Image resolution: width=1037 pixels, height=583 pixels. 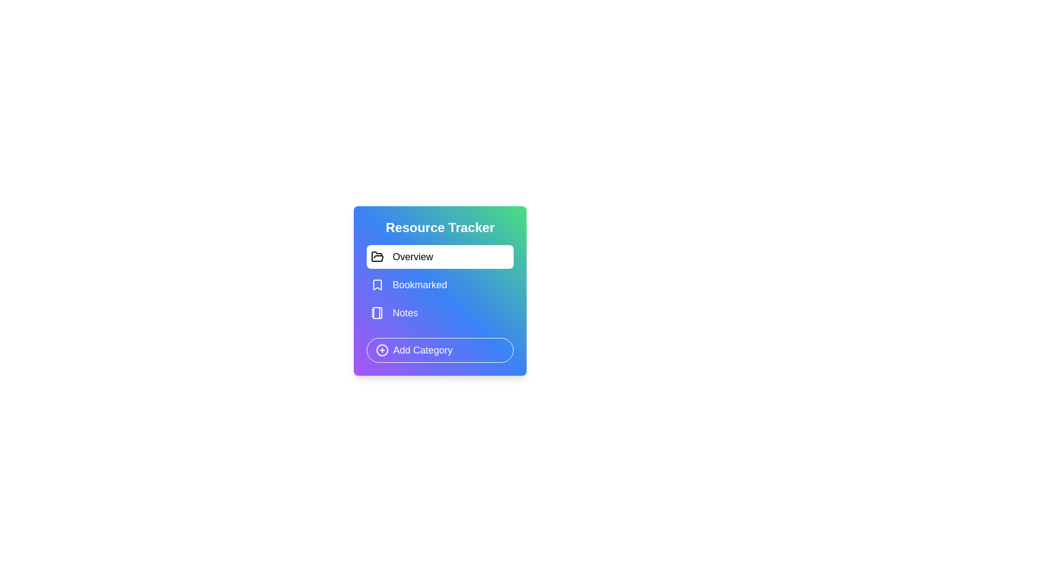 What do you see at coordinates (440, 256) in the screenshot?
I see `the category Overview from the list` at bounding box center [440, 256].